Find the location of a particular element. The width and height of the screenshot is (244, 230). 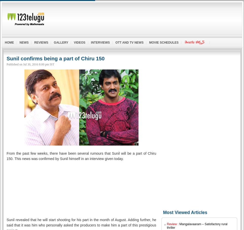

'Published on Jul 30, 2016 8:00 pm IST' is located at coordinates (30, 64).